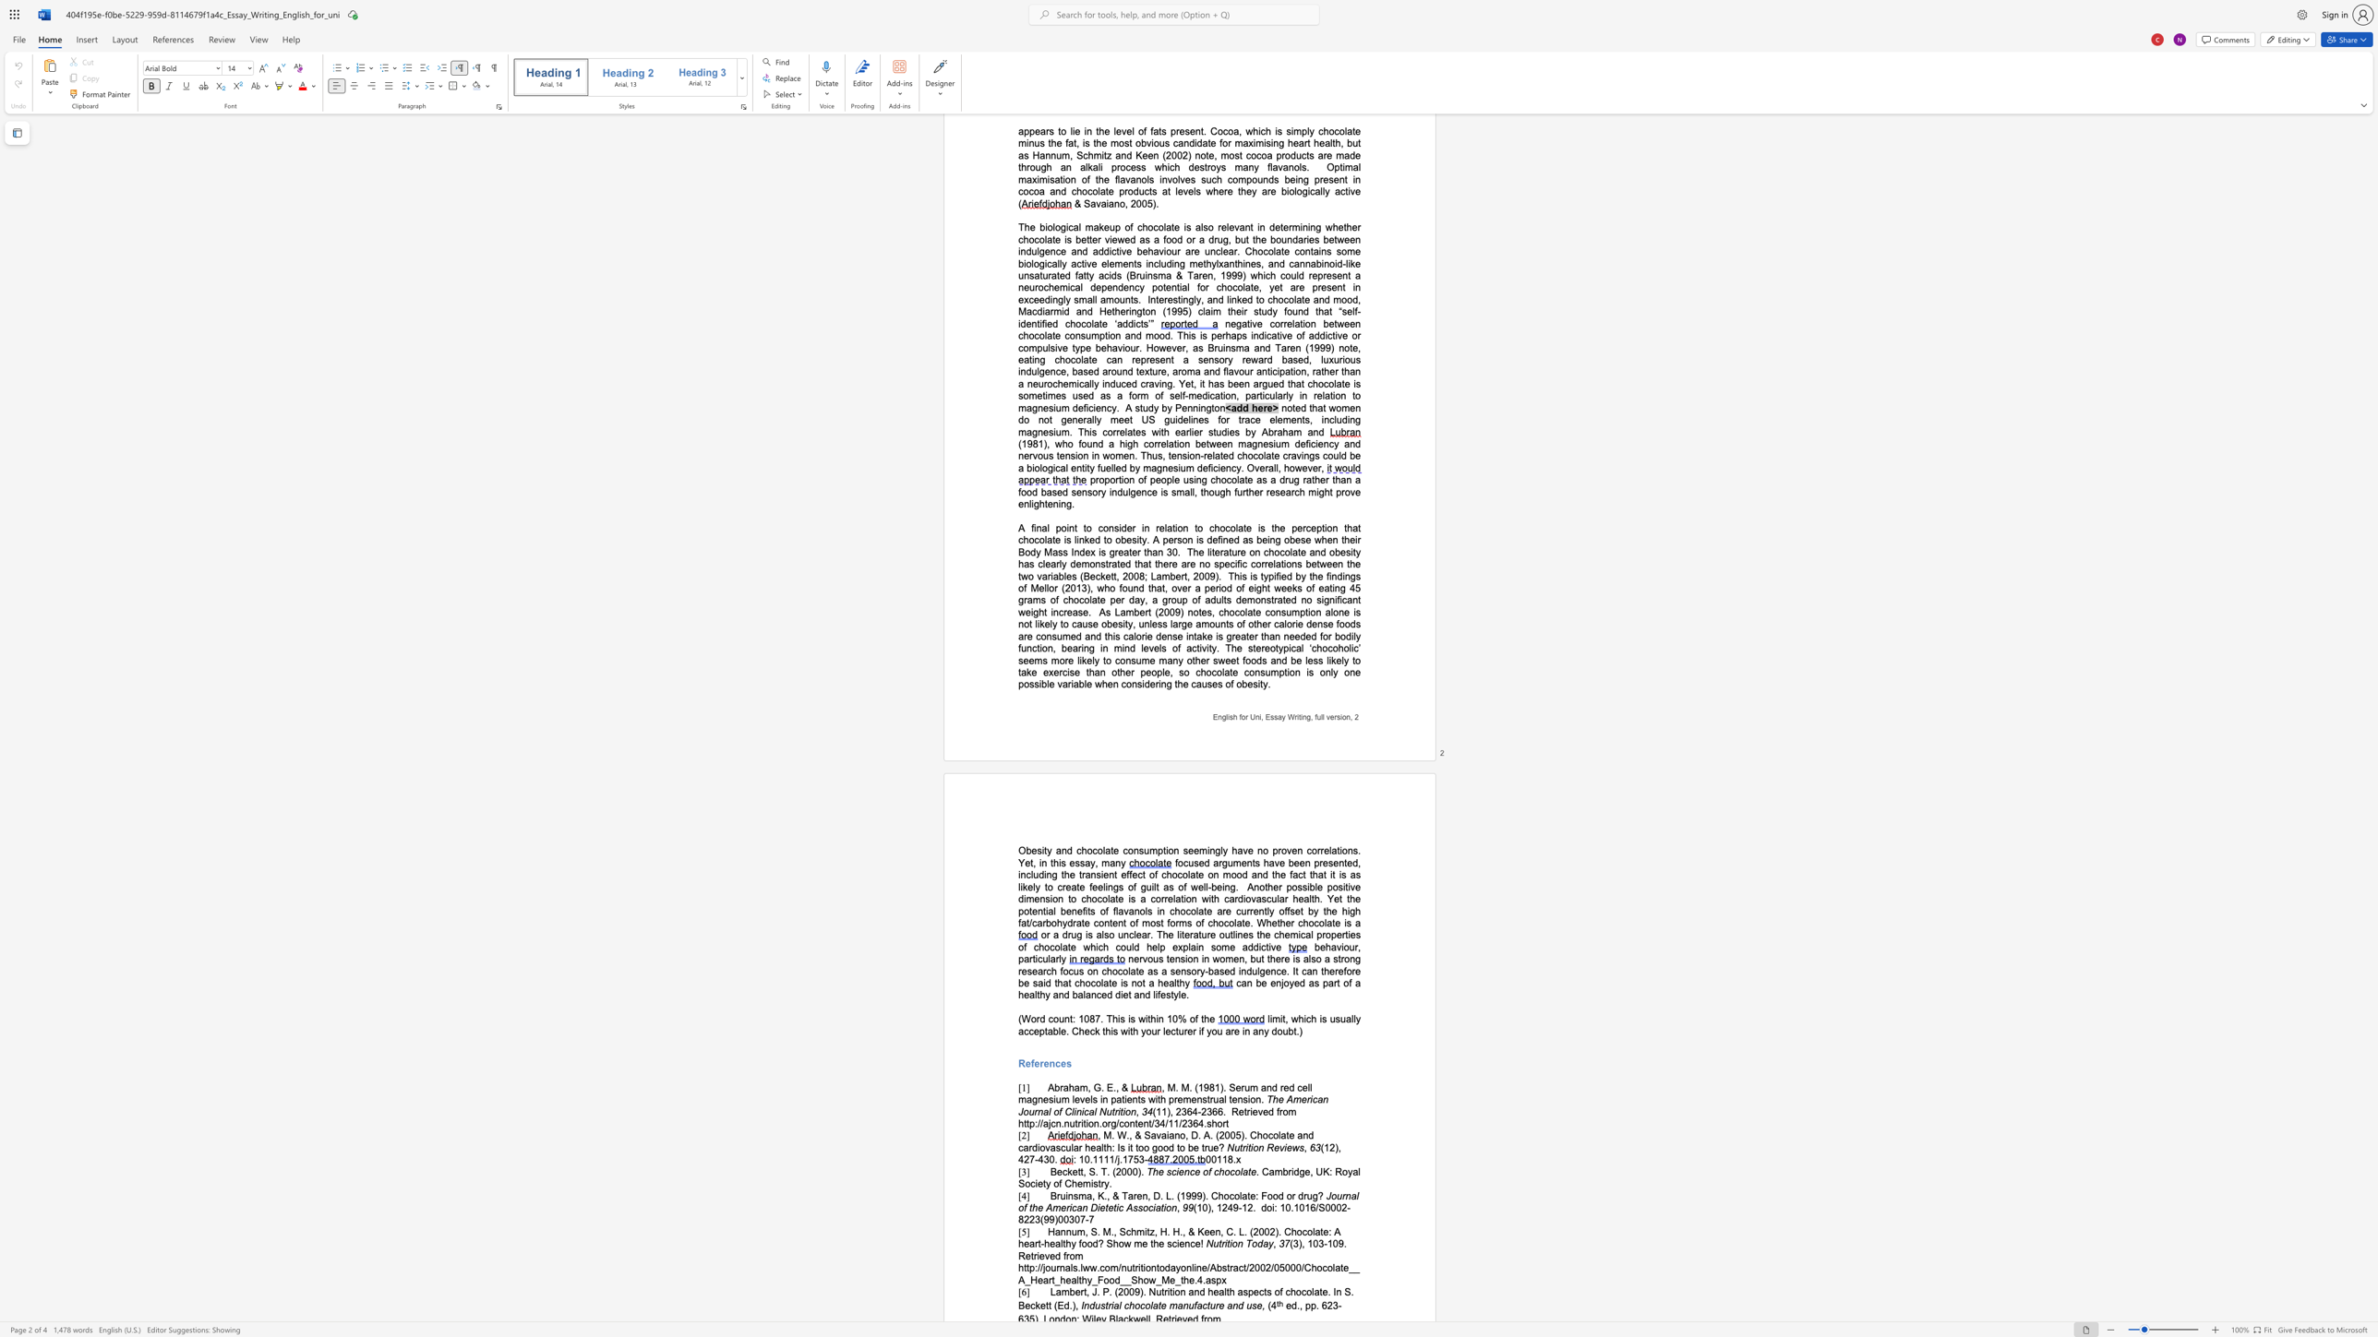 Image resolution: width=2378 pixels, height=1337 pixels. I want to click on the subset text "223(99)0030" within the text "doi: 10.1016/S0002-8223(99)00307-7", so click(1023, 1219).